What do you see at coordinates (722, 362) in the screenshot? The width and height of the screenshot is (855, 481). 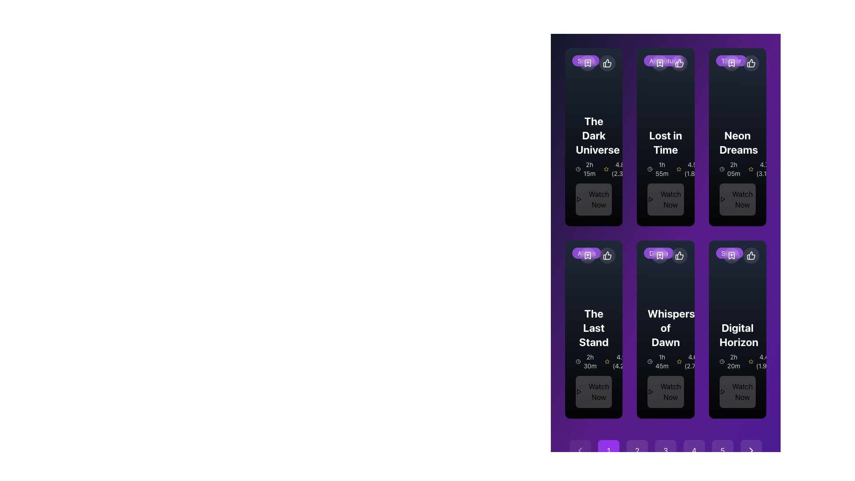 I see `the clock icon within the 'Digital Horizon' panel, located beneath the title and left of the text '2h 20m'` at bounding box center [722, 362].